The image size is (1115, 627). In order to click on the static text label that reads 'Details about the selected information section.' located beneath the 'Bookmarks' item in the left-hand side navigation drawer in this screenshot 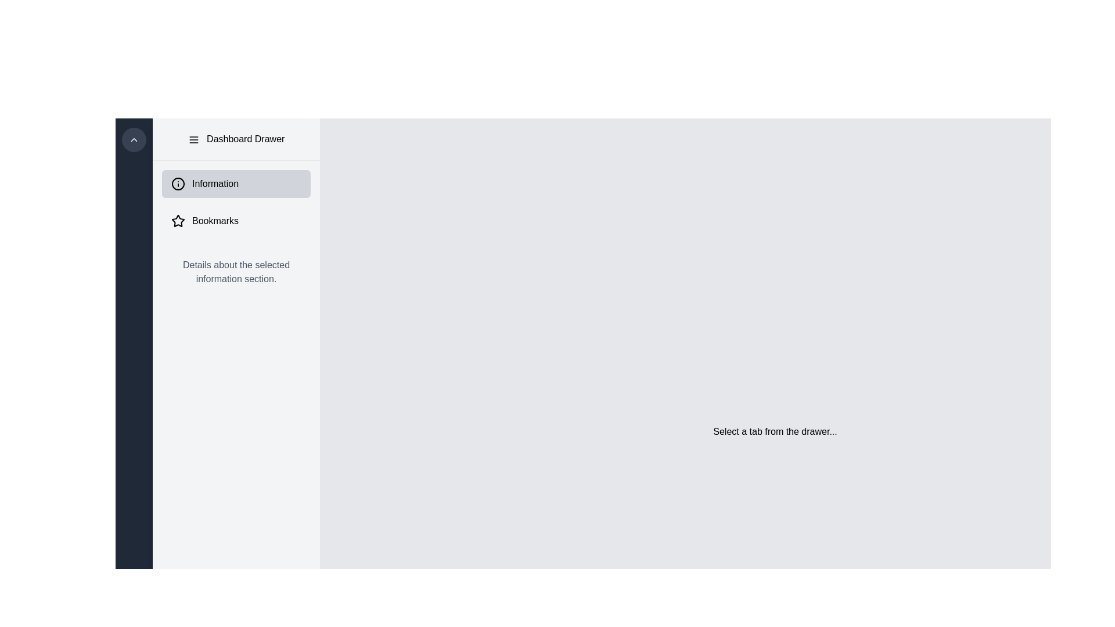, I will do `click(236, 272)`.